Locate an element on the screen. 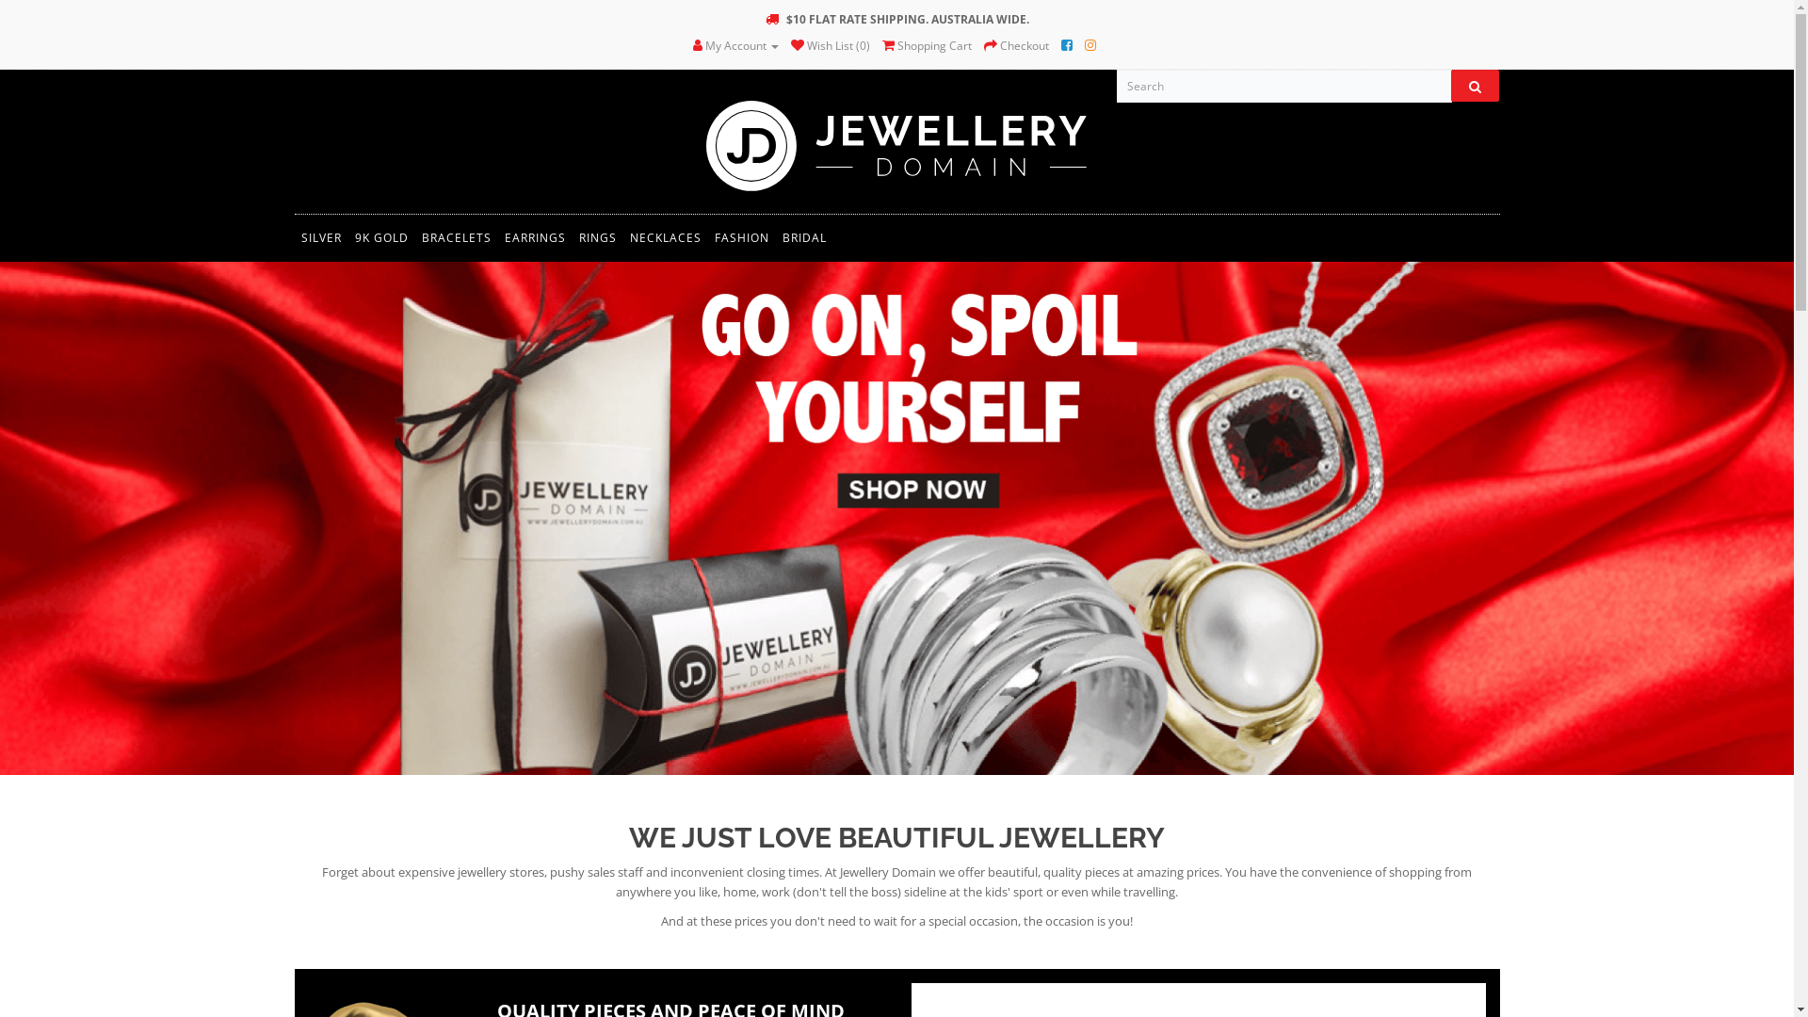 The width and height of the screenshot is (1808, 1017). 'Checkout' is located at coordinates (1015, 44).